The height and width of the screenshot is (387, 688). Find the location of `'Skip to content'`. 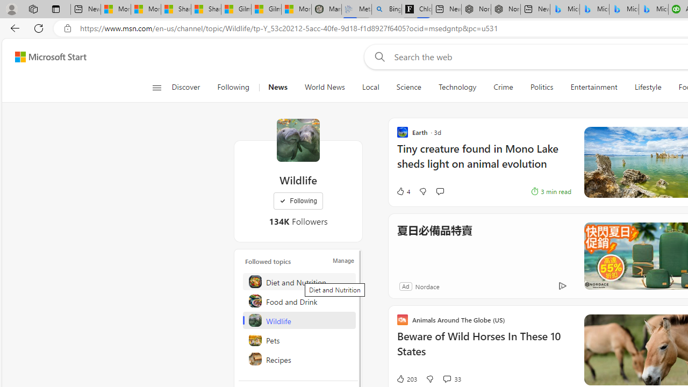

'Skip to content' is located at coordinates (46, 56).